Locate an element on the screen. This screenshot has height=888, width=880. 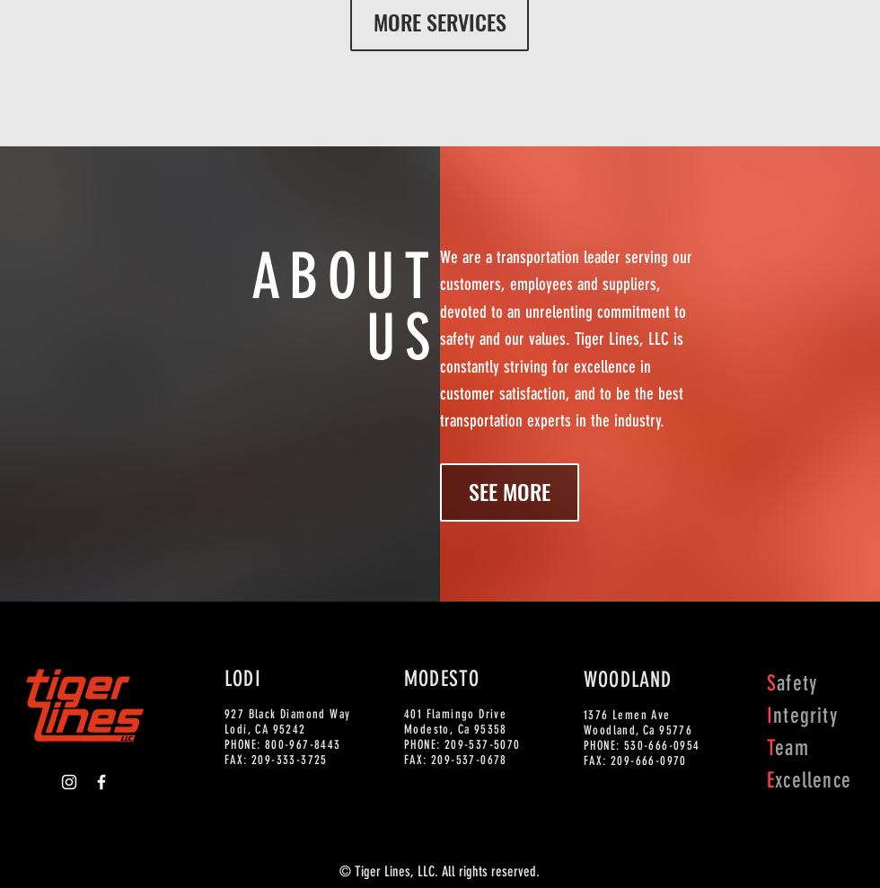
'US' is located at coordinates (402, 337).